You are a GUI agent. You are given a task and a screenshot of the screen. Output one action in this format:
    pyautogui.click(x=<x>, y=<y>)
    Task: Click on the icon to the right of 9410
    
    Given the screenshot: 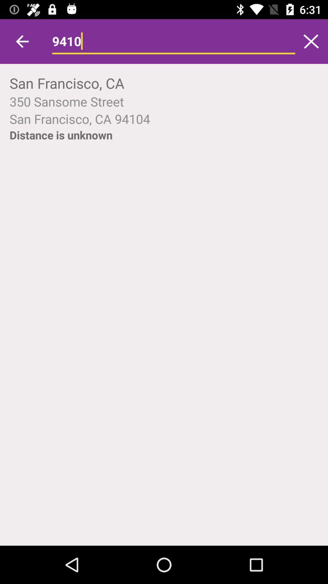 What is the action you would take?
    pyautogui.click(x=311, y=41)
    